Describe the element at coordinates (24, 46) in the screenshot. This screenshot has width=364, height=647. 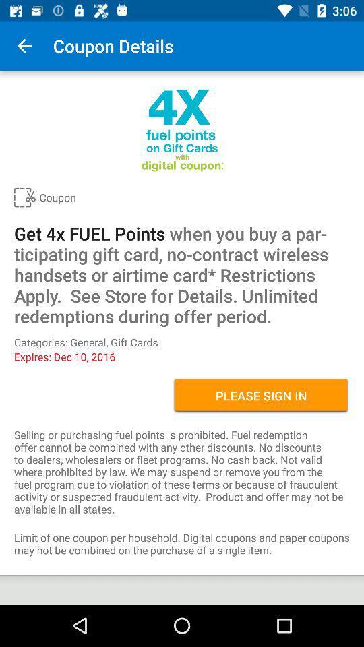
I see `icon above coupon item` at that location.